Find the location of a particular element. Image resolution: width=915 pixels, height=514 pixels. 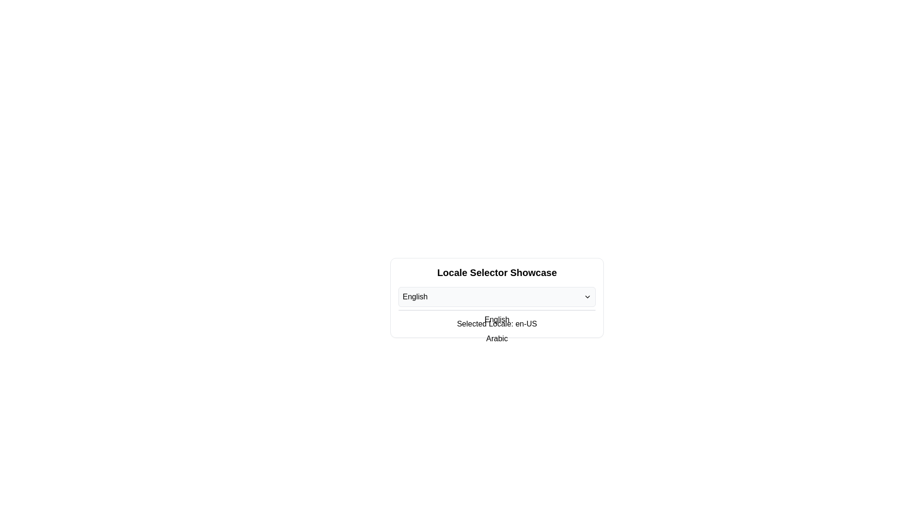

the chevron icon located to the far-right of the 'English' text in the Locale Selector Showcase to interact with the dropdown menu is located at coordinates (587, 297).